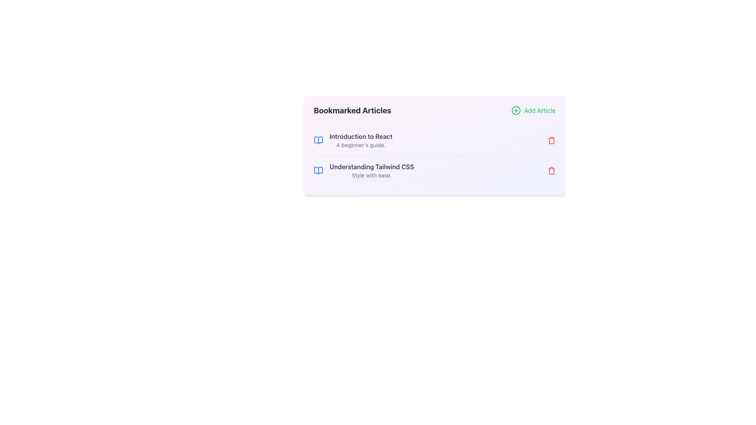 The width and height of the screenshot is (756, 425). What do you see at coordinates (533, 111) in the screenshot?
I see `the interactive button for adding a new article to the 'Bookmarked Articles' list` at bounding box center [533, 111].